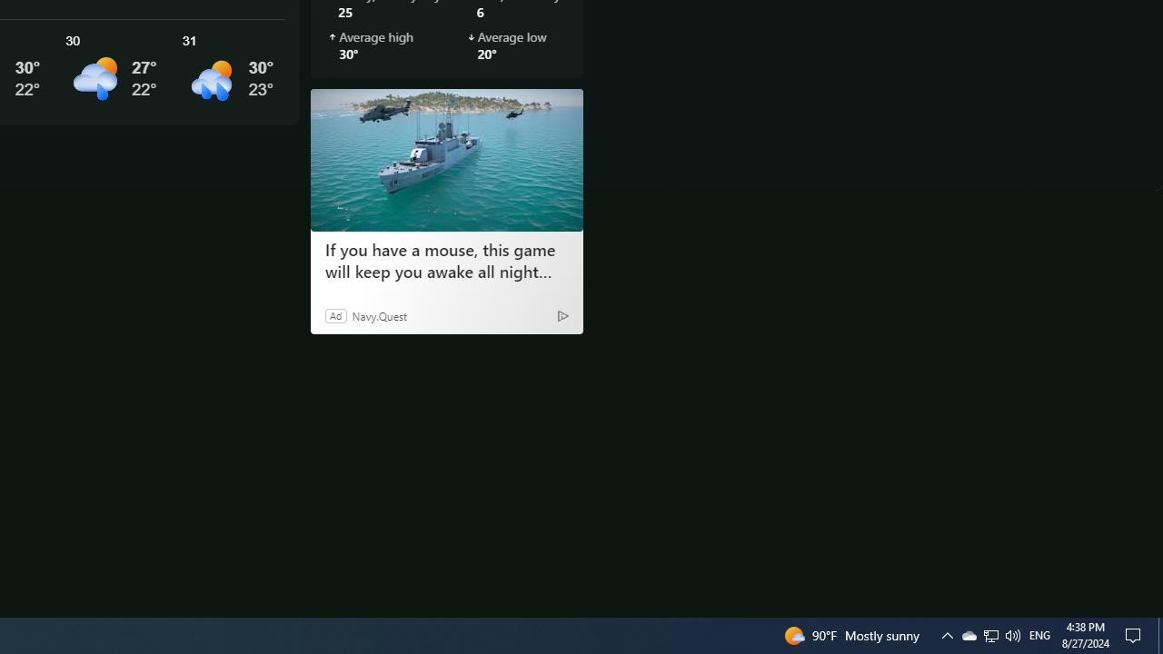 This screenshot has height=654, width=1163. What do you see at coordinates (990, 634) in the screenshot?
I see `'Tray Input Indicator - English (United States)'` at bounding box center [990, 634].